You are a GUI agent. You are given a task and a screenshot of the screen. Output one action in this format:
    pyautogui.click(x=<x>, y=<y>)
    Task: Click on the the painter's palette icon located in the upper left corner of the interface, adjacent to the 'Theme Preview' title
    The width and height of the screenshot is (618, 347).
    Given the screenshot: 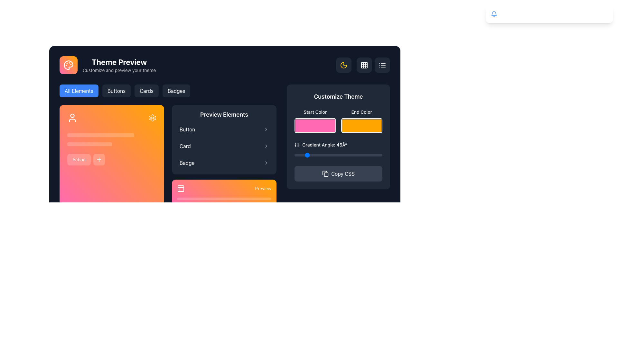 What is the action you would take?
    pyautogui.click(x=68, y=65)
    